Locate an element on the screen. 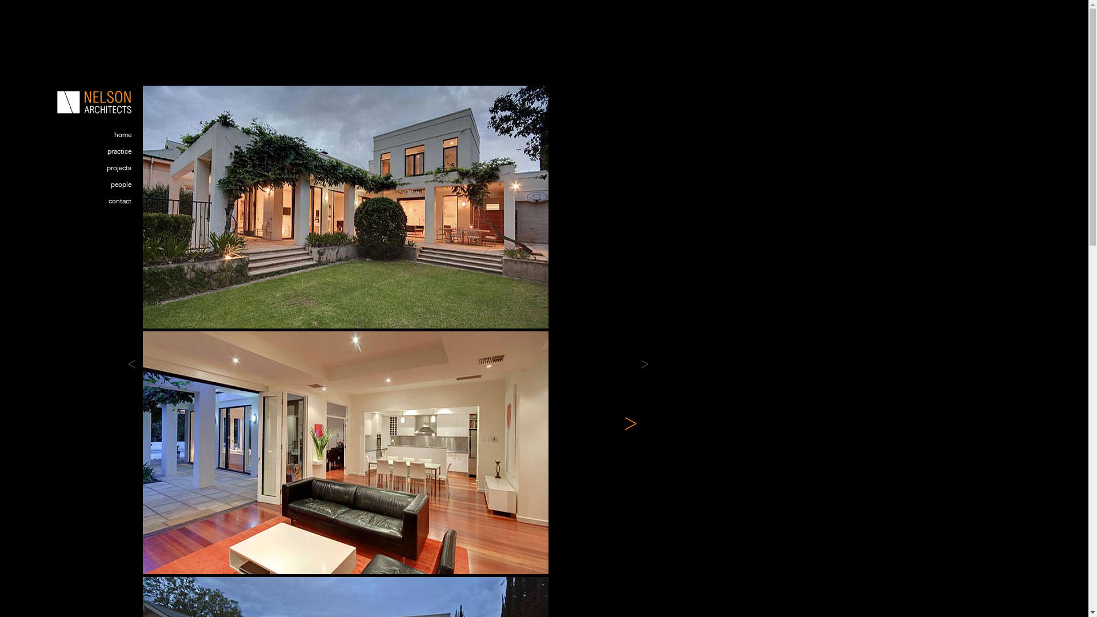 Image resolution: width=1097 pixels, height=617 pixels. 'Previous' is located at coordinates (127, 364).